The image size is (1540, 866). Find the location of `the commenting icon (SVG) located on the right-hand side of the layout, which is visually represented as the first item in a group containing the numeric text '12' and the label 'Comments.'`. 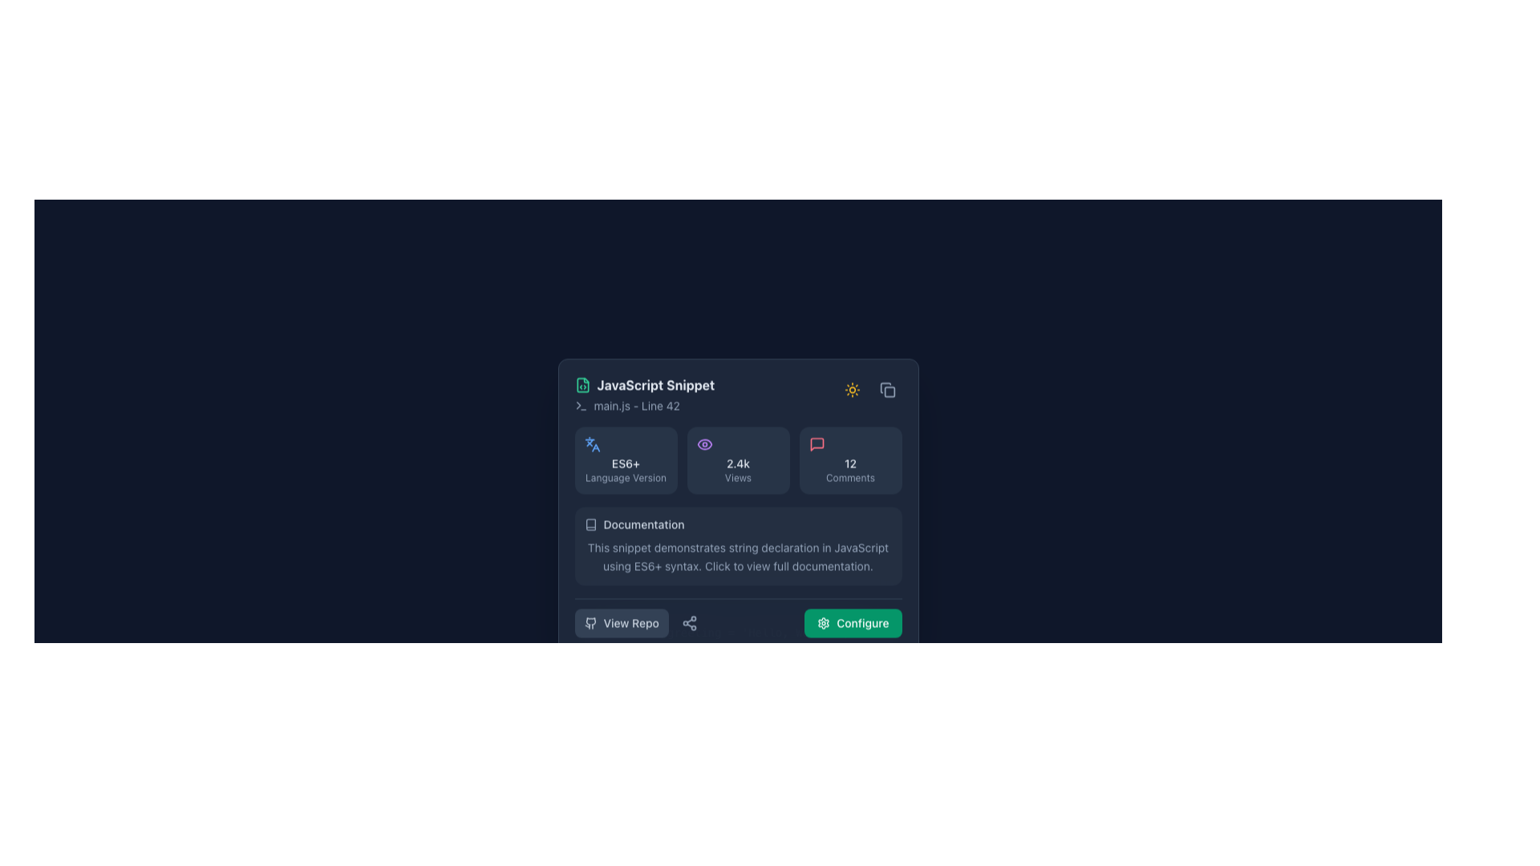

the commenting icon (SVG) located on the right-hand side of the layout, which is visually represented as the first item in a group containing the numeric text '12' and the label 'Comments.' is located at coordinates (817, 444).